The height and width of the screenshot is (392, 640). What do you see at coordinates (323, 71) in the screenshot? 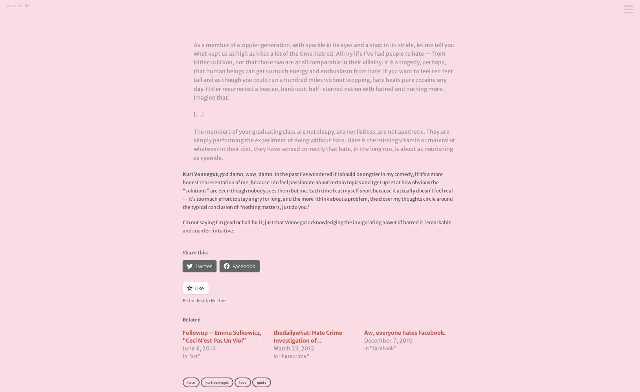
I see `'As a member of a zippier generation, with sparkle in its eyes and a snap in its stride, let me tell you what kept us as high as kites a lot of the time: hatred. All my life I’ve had people to hate — from Hitler to Nixon, not that those two are at all comparable in their villainy. It is a tragedy, perhaps, that human beings can get so much energy and enthusiasm from hate. If you want to feel ten feet tall and as though you could run a hundred miles without stopping, hate beats pure cocaine any day. Hitler resurrected a beaten, bankrupt, half-starved nation with hatred and nothing more. Imagine that.'` at bounding box center [323, 71].